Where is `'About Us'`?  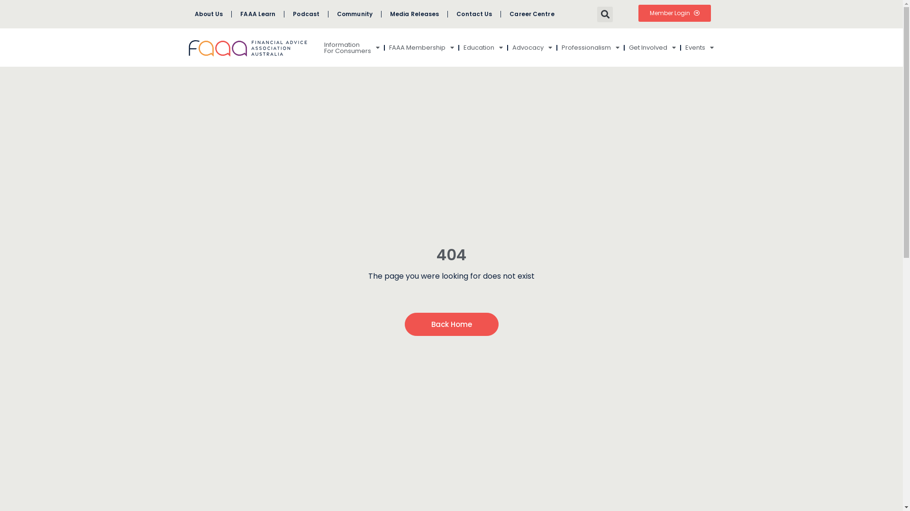
'About Us' is located at coordinates (186, 14).